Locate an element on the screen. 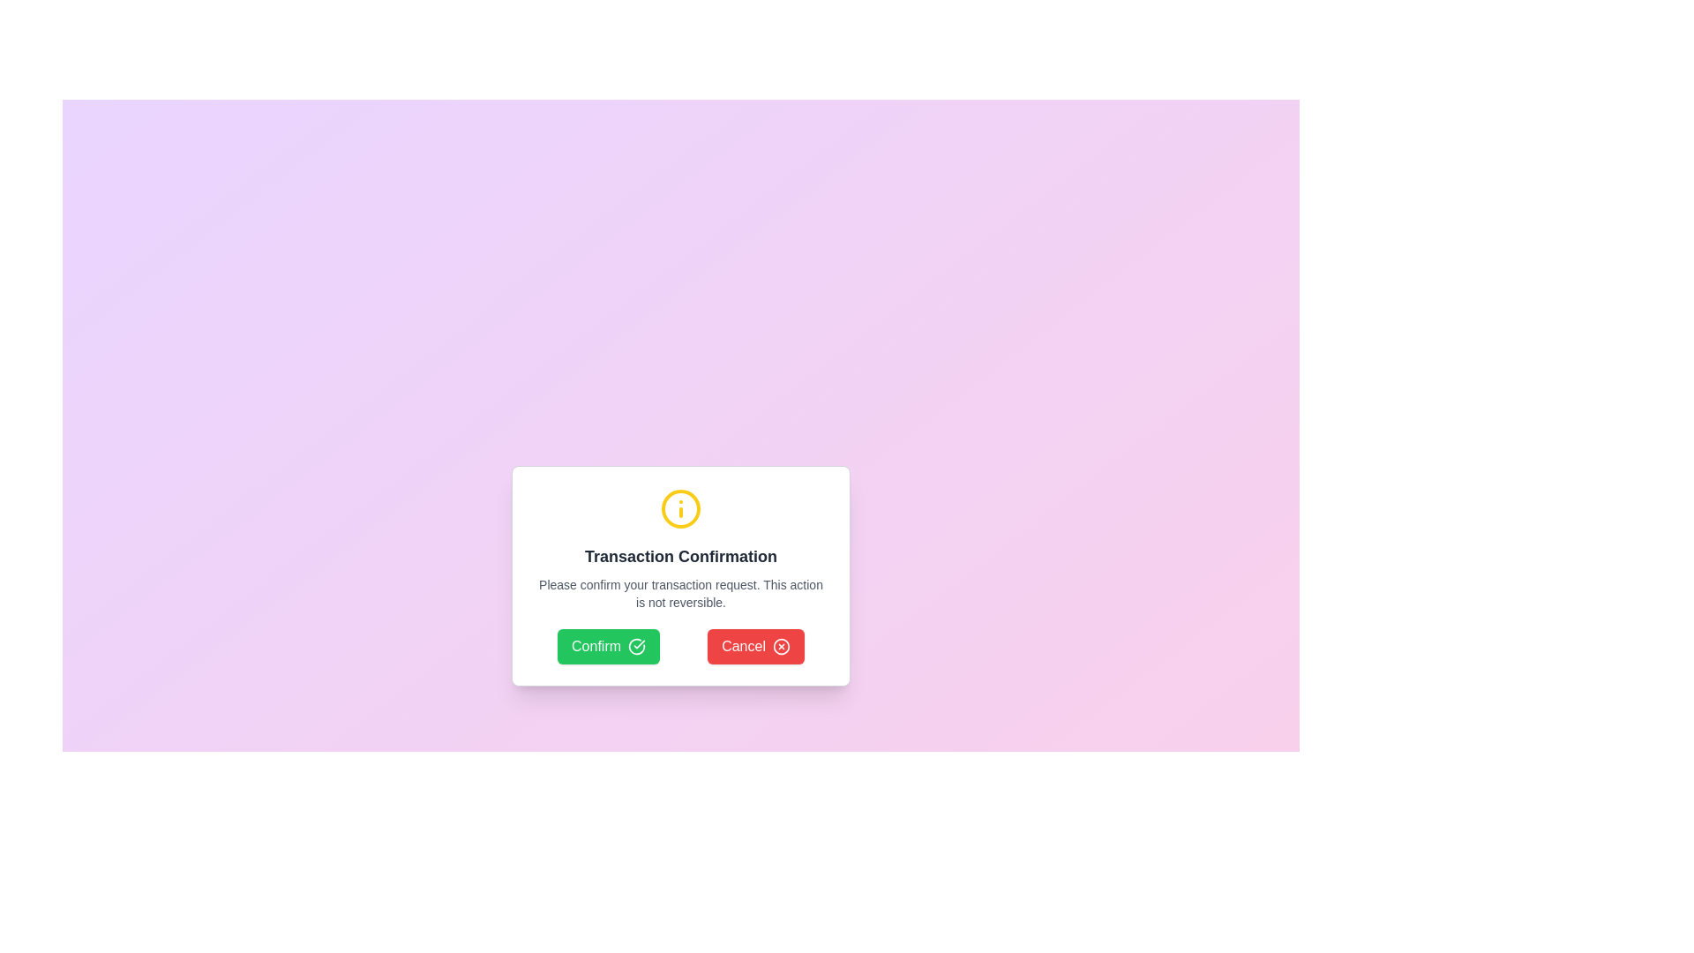 The image size is (1694, 953). the 'Cancel' button with a red background and white text is located at coordinates (756, 646).